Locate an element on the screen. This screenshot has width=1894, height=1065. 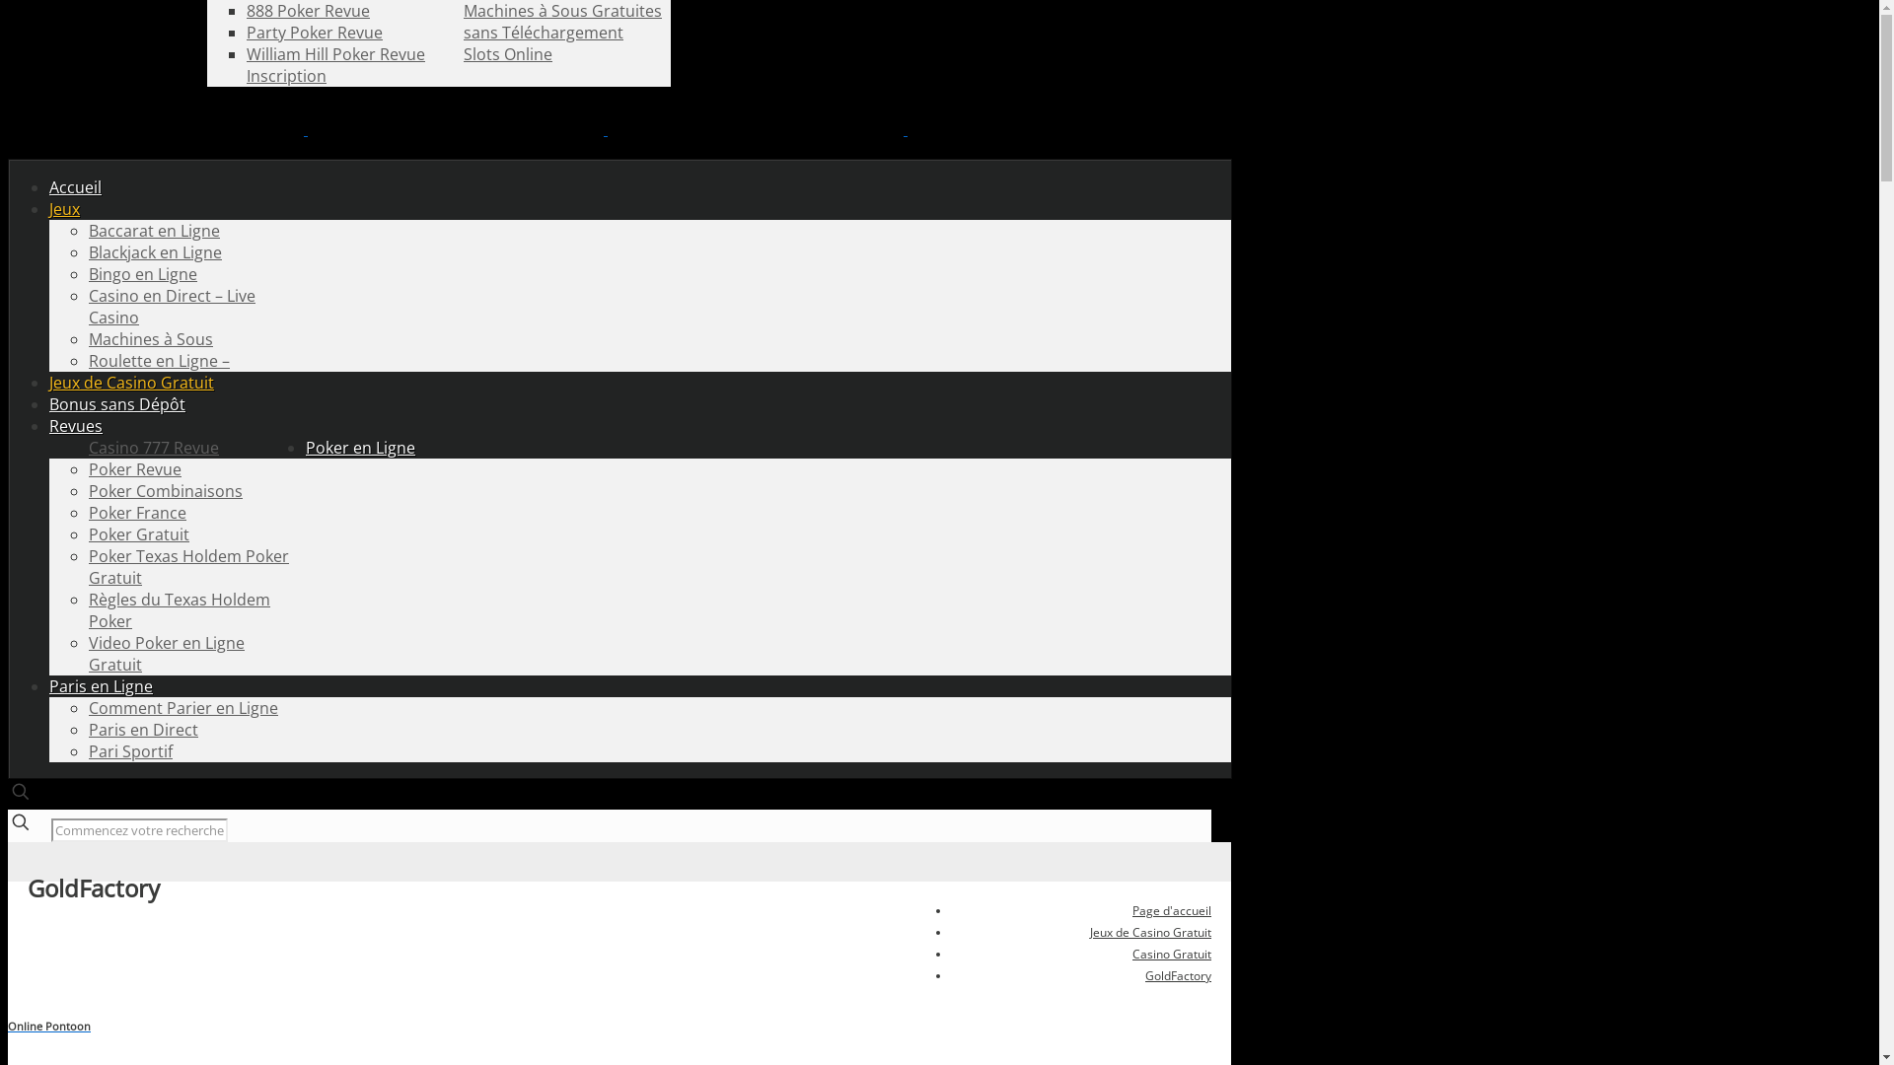
'Casino en Ligne Suisse' is located at coordinates (605, 129).